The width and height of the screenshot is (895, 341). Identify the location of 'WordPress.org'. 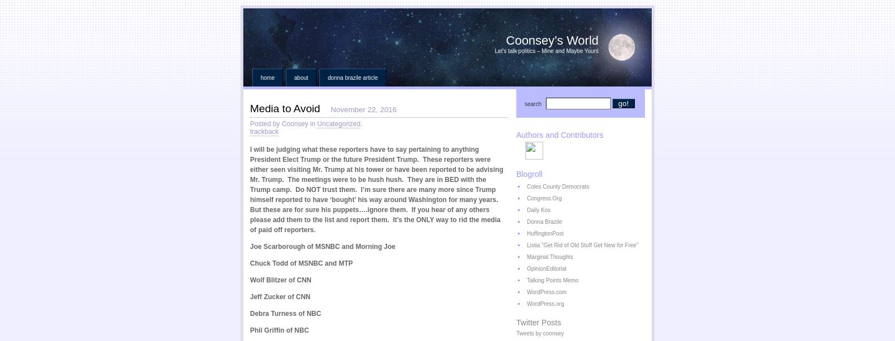
(545, 304).